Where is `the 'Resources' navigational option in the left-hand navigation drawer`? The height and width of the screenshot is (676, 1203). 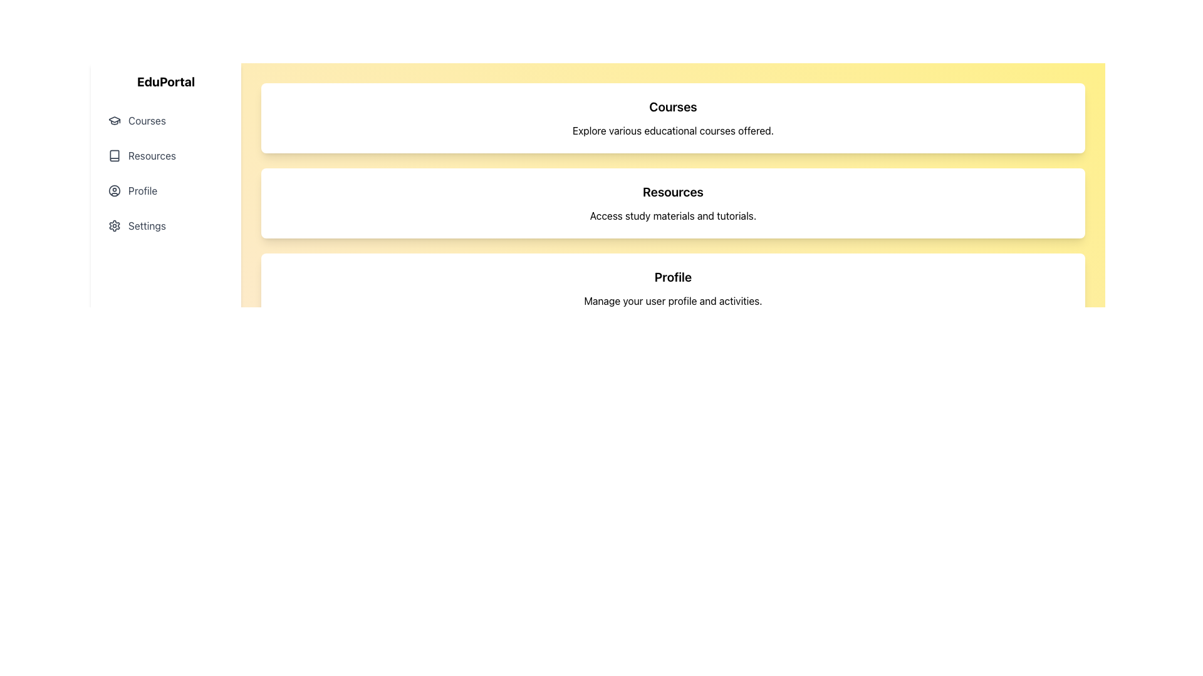 the 'Resources' navigational option in the left-hand navigation drawer is located at coordinates (165, 173).